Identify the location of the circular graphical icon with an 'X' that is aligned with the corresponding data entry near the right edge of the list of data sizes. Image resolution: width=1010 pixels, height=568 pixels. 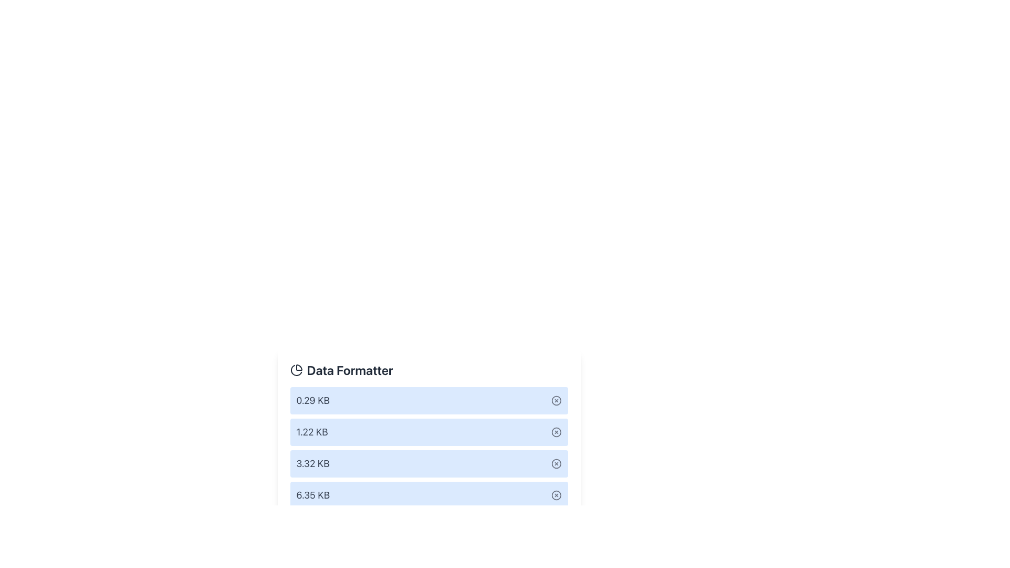
(555, 401).